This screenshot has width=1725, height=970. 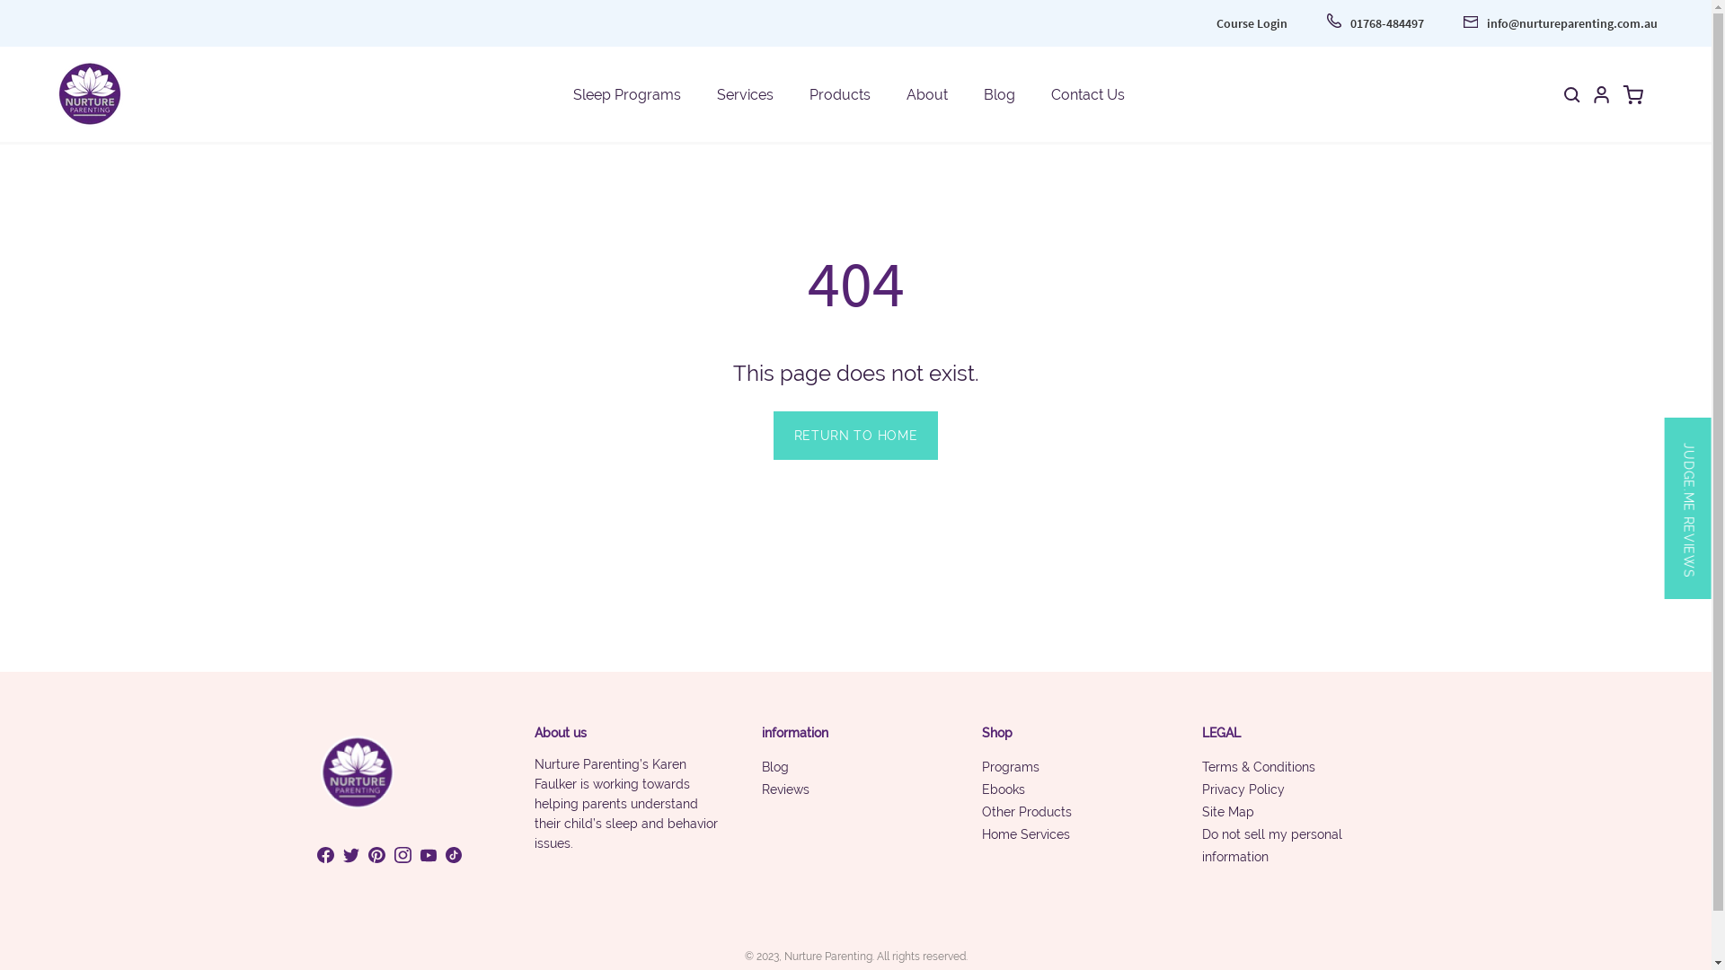 What do you see at coordinates (453, 854) in the screenshot?
I see `'View Nurture Parenting Shop on Tiktok'` at bounding box center [453, 854].